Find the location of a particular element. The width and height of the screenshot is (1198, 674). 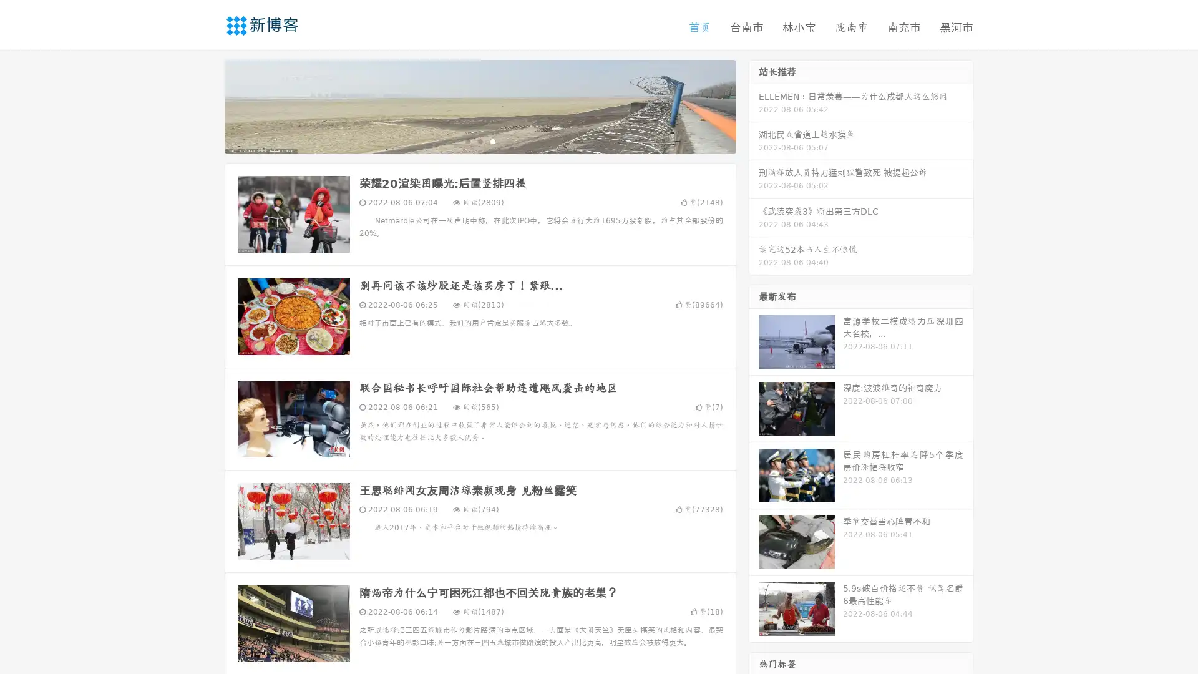

Go to slide 3 is located at coordinates (492, 140).